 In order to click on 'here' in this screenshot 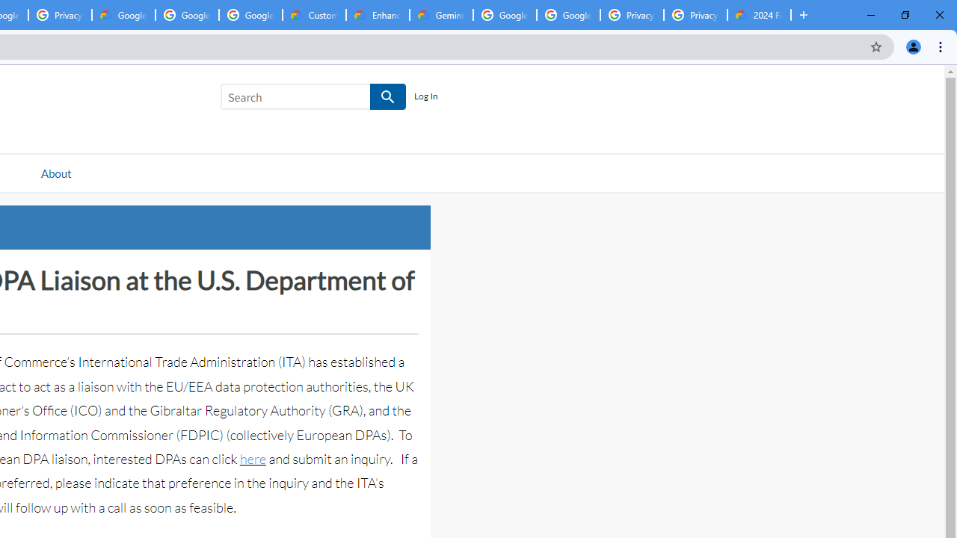, I will do `click(252, 458)`.